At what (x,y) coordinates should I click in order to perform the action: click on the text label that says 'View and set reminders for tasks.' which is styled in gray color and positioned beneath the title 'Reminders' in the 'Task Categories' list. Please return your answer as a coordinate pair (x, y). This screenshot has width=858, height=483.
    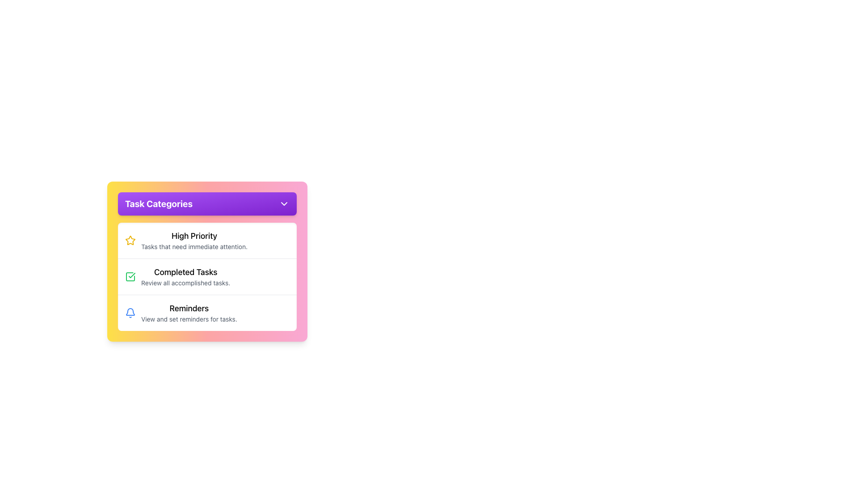
    Looking at the image, I should click on (189, 318).